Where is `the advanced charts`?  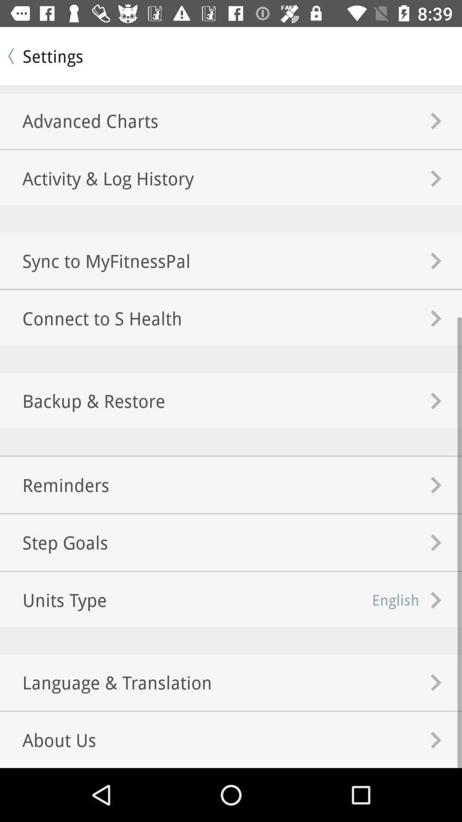
the advanced charts is located at coordinates (79, 120).